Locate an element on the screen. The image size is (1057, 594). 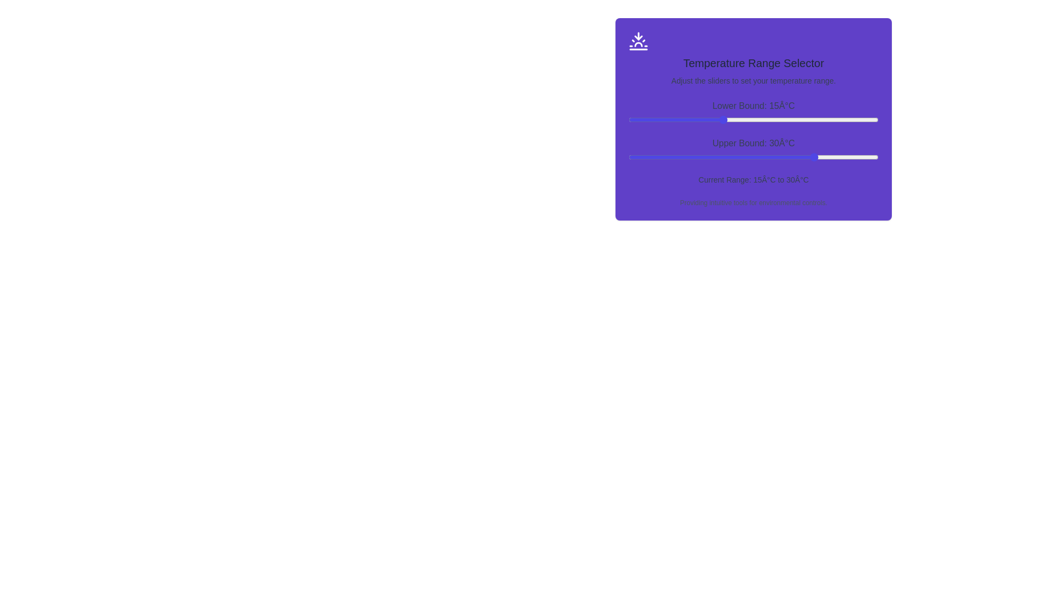
the lower bound slider to 33°C is located at coordinates (835, 120).